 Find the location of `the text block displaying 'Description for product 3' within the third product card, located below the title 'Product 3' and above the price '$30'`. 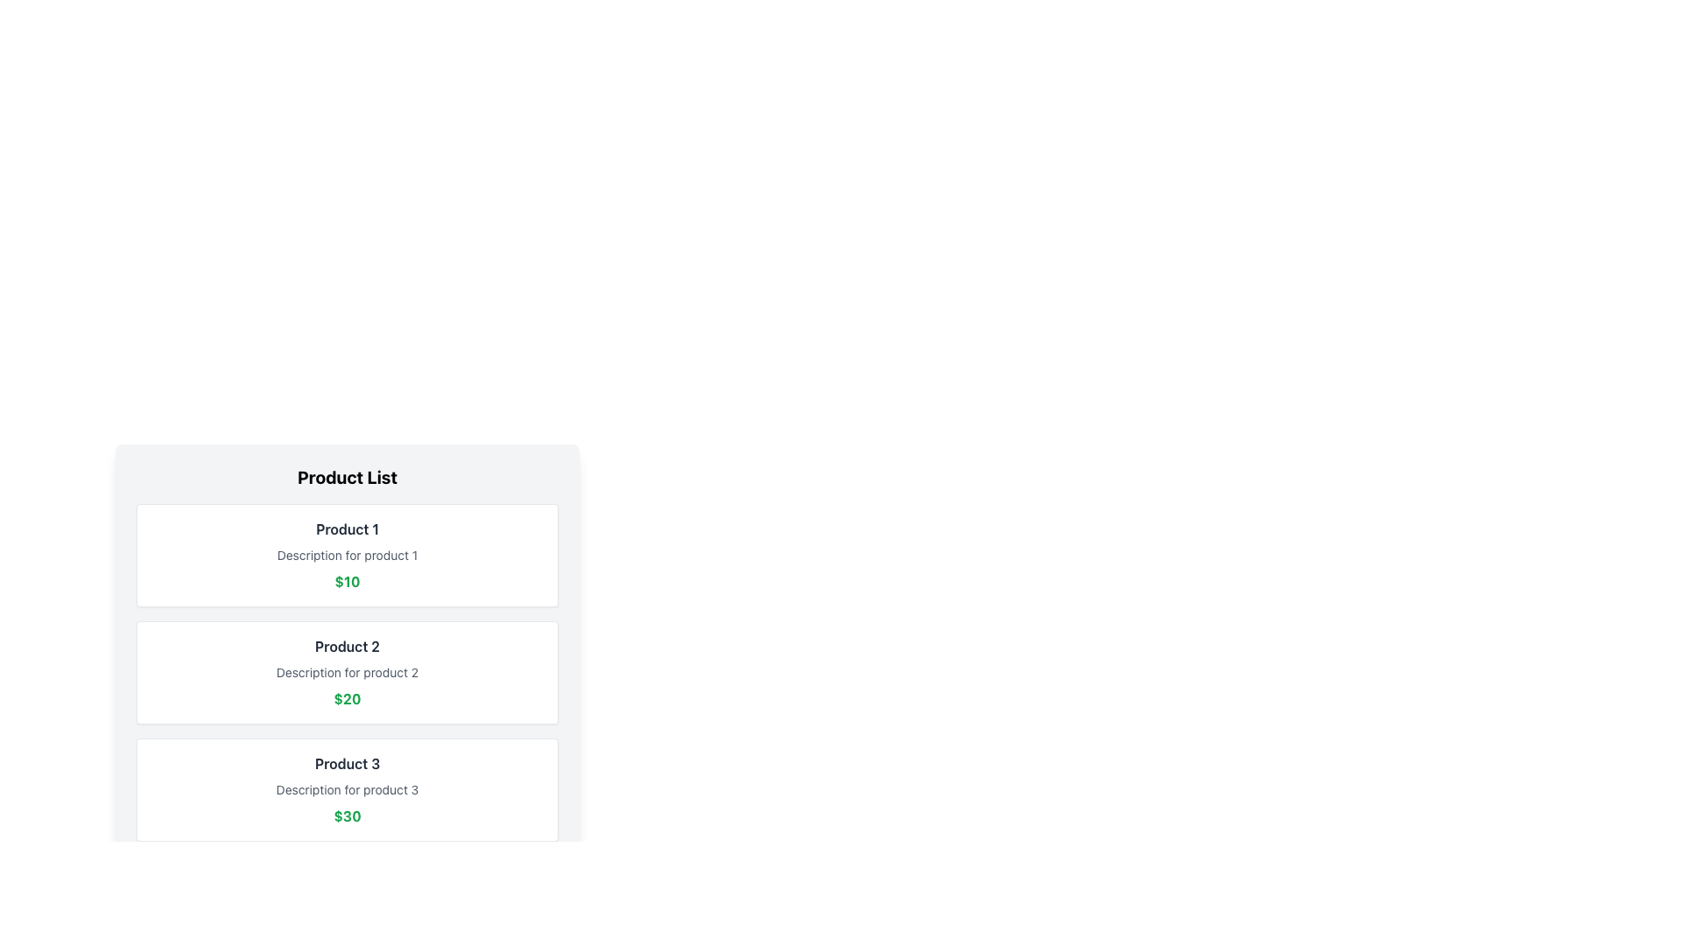

the text block displaying 'Description for product 3' within the third product card, located below the title 'Product 3' and above the price '$30' is located at coordinates (348, 789).